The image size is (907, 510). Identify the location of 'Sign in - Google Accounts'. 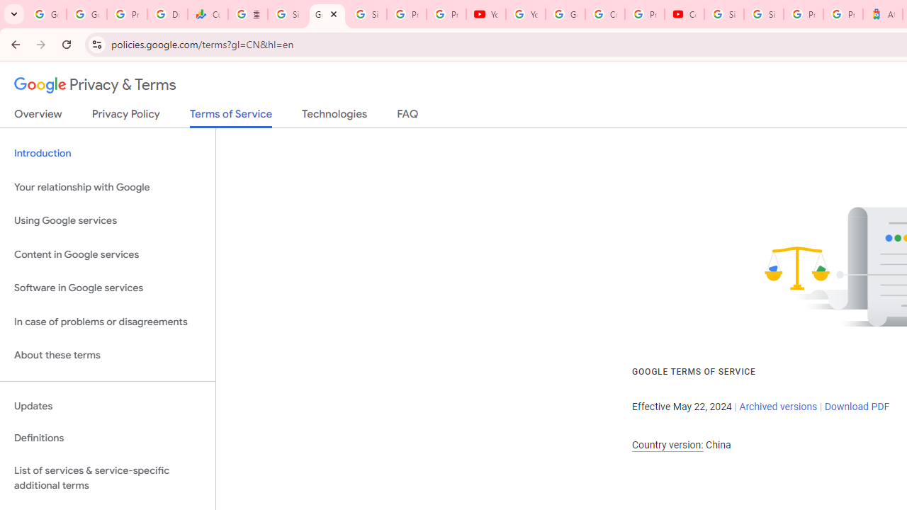
(286, 14).